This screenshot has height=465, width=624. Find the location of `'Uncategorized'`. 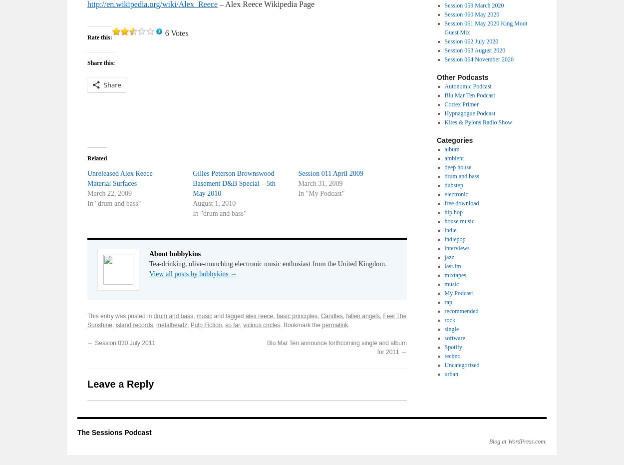

'Uncategorized' is located at coordinates (444, 365).